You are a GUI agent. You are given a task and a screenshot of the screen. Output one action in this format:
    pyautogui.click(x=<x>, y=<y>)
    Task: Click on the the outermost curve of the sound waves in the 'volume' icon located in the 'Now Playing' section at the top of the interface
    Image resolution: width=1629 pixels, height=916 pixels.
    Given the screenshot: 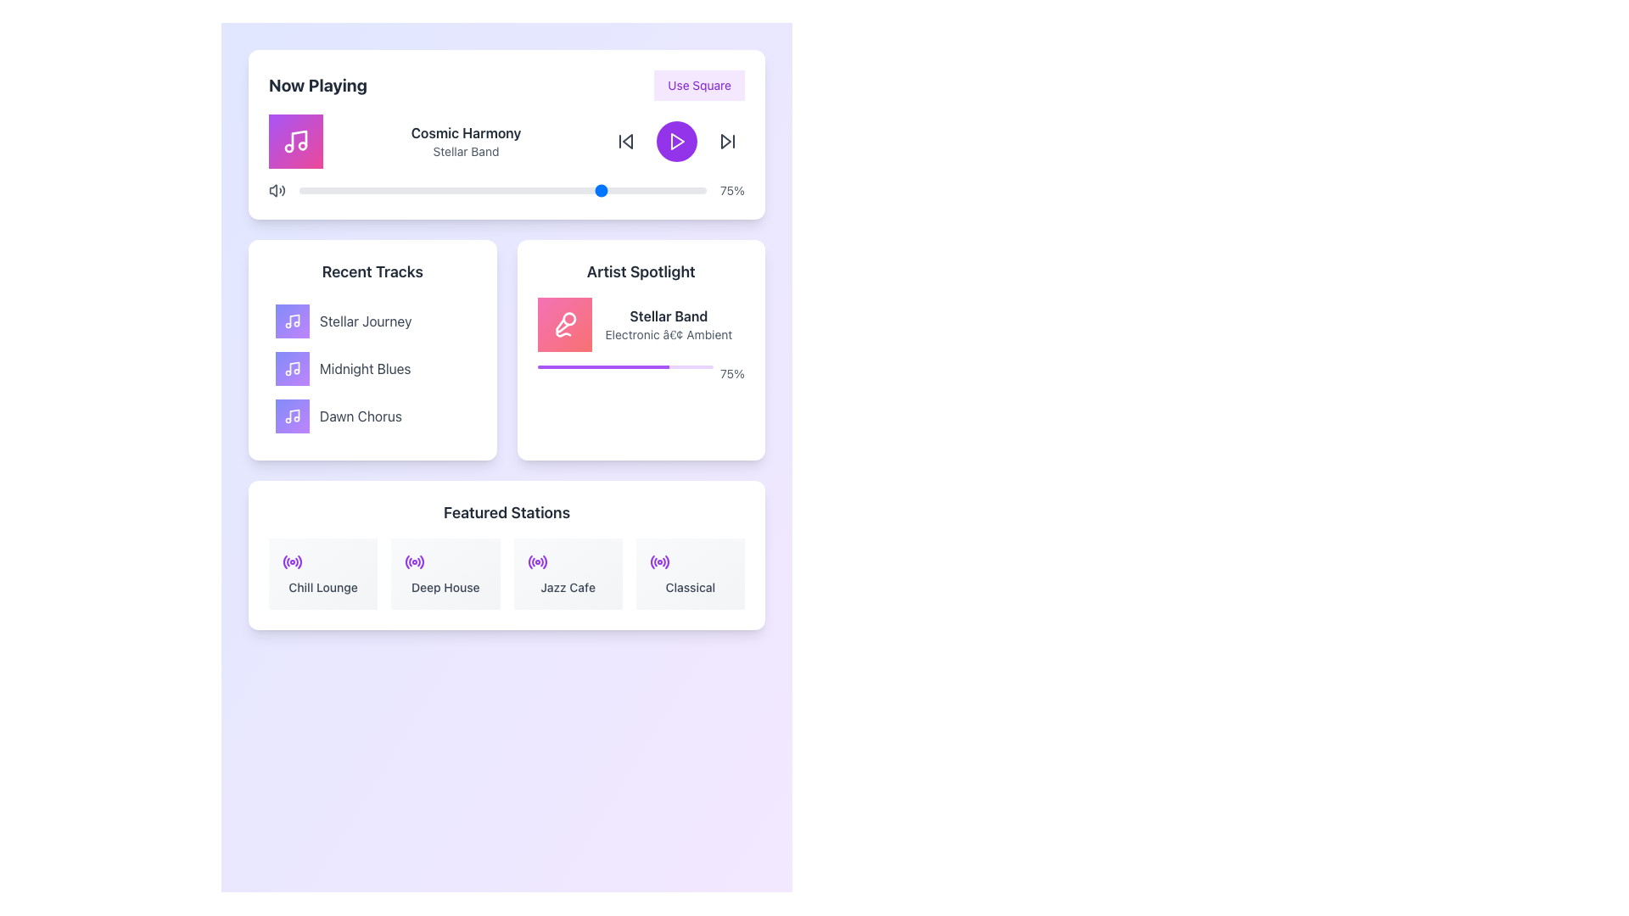 What is the action you would take?
    pyautogui.click(x=283, y=190)
    